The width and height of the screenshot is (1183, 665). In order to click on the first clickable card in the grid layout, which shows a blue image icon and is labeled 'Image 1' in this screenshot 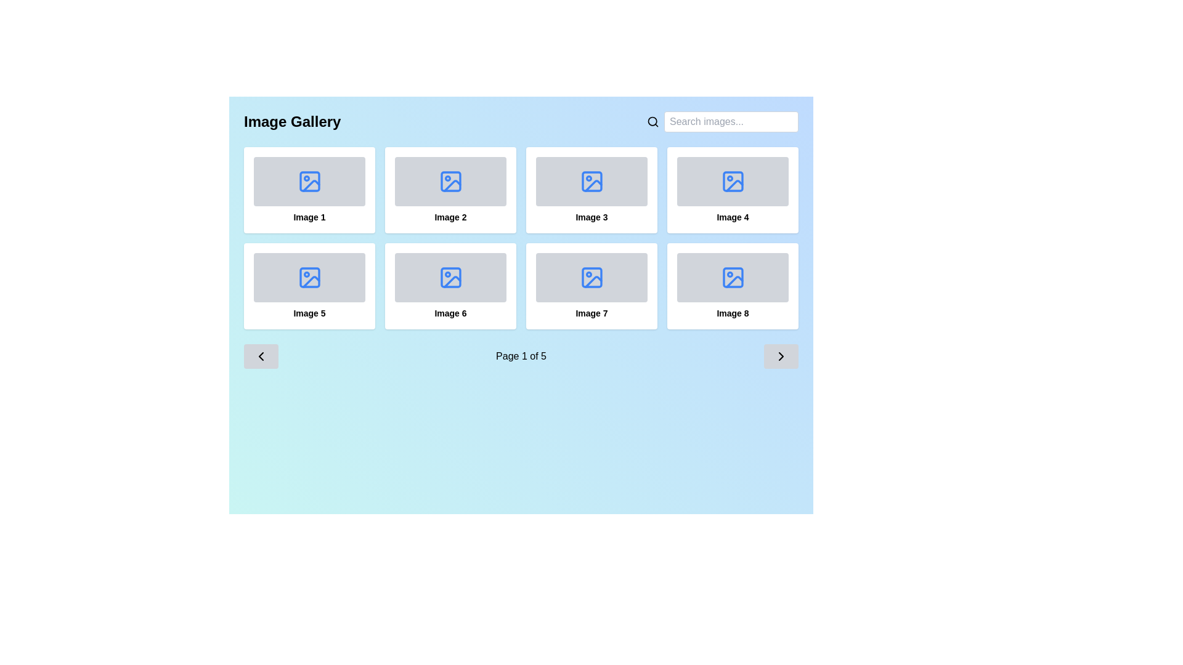, I will do `click(309, 190)`.